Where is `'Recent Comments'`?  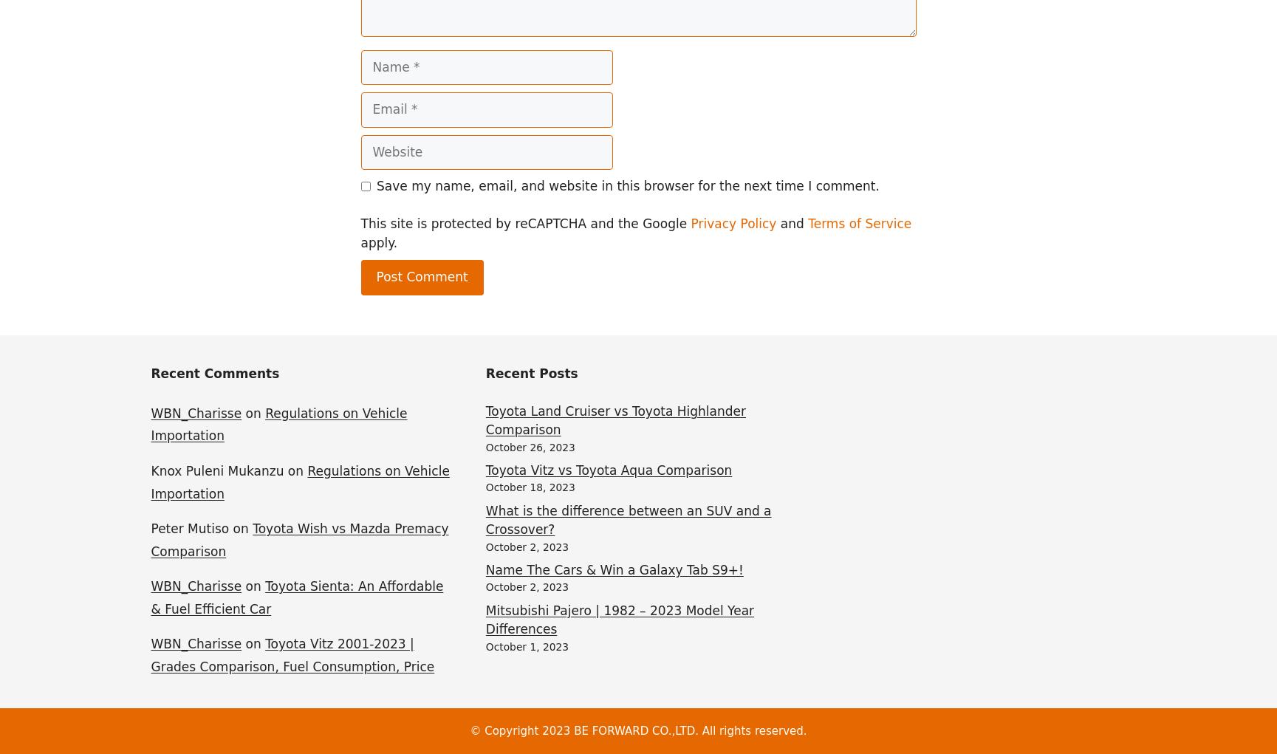
'Recent Comments' is located at coordinates (150, 371).